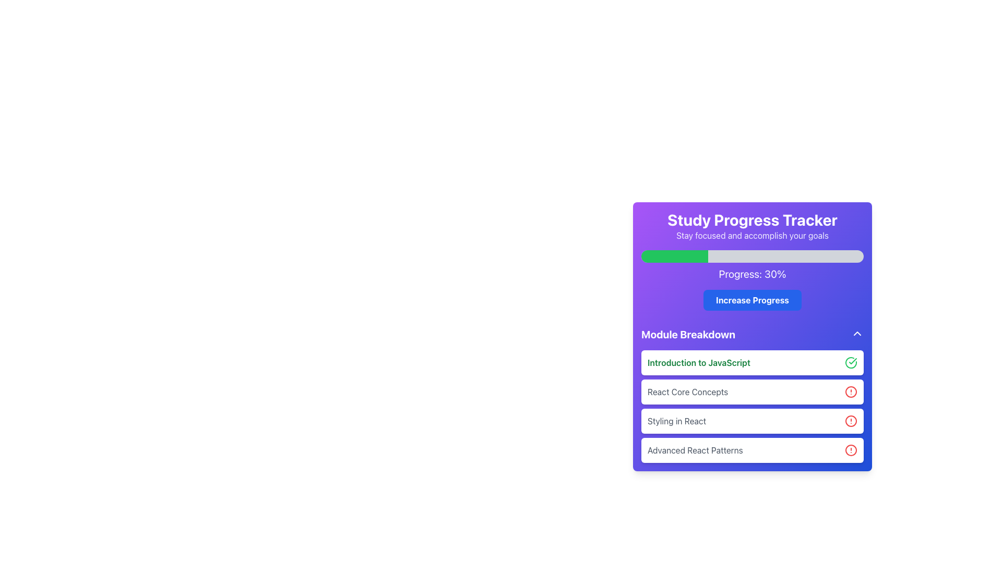  I want to click on the status indication of the right-aligned SVG Circle in the 'React Core Concepts' module row, which signals an error or alert state, so click(851, 392).